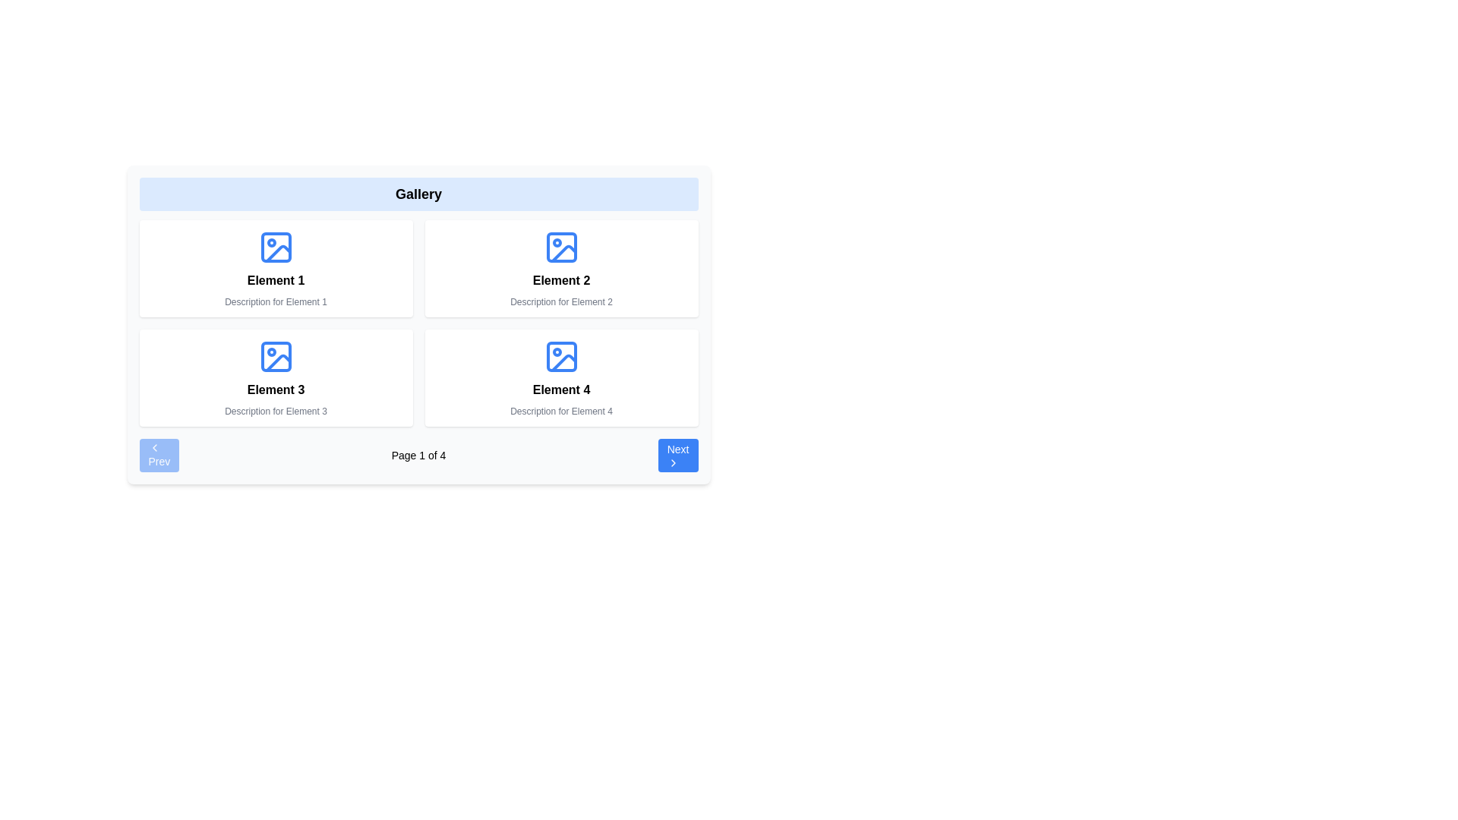 The image size is (1458, 820). Describe the element at coordinates (276, 357) in the screenshot. I see `the topmost icon of the card labeled 'Element 3' located in the lower-left area of the gallery` at that location.